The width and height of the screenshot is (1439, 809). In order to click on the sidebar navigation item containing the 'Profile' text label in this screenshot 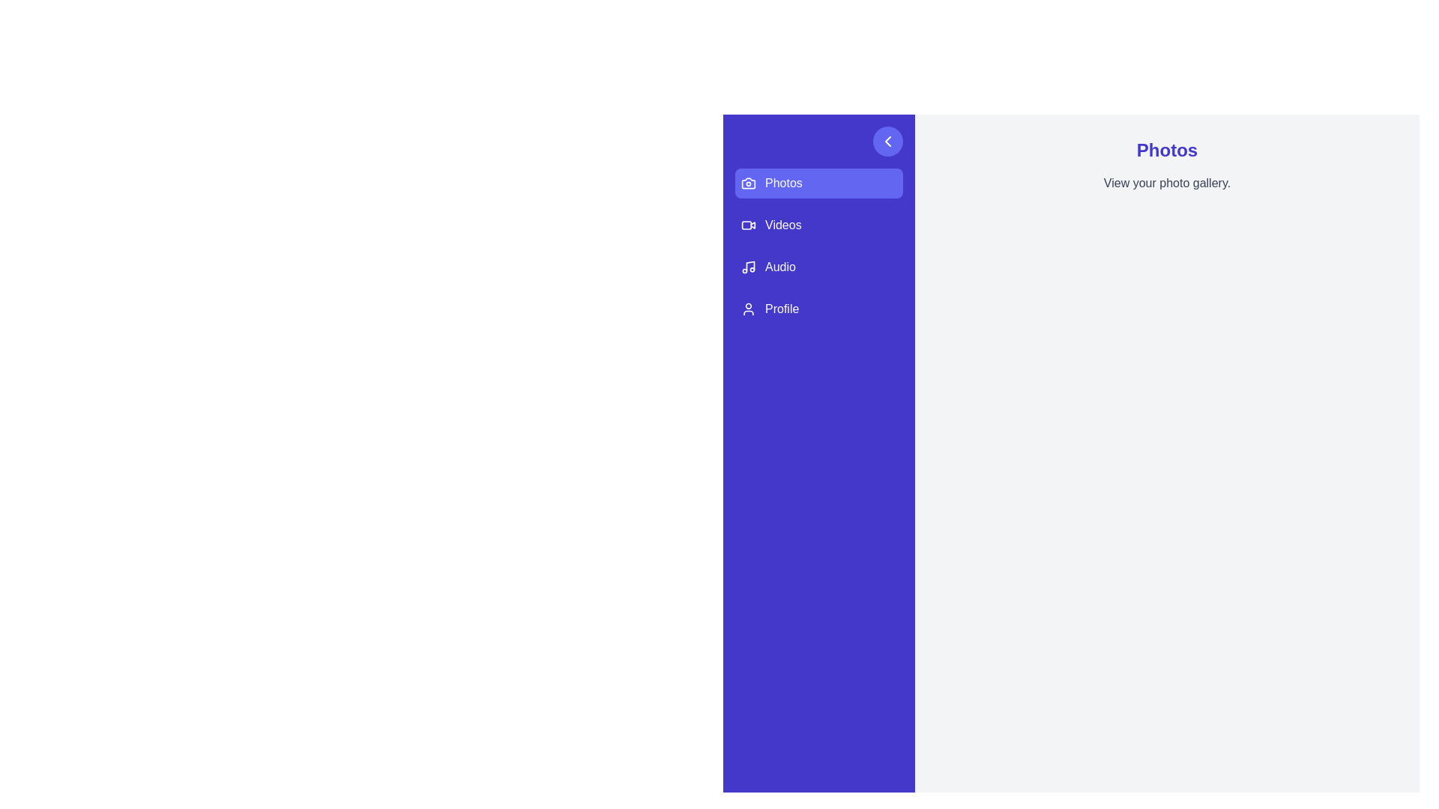, I will do `click(781, 308)`.